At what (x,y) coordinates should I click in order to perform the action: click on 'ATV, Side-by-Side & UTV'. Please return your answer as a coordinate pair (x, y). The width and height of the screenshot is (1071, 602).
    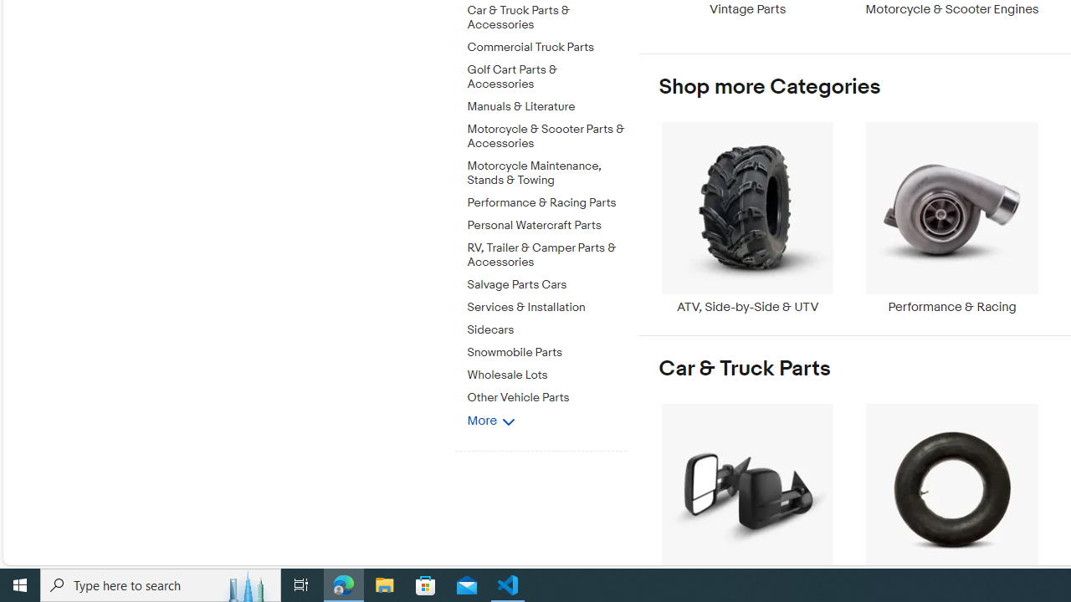
    Looking at the image, I should click on (746, 217).